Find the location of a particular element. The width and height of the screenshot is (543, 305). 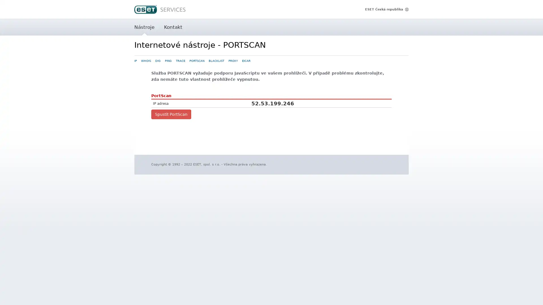

Spustit PortScan is located at coordinates (171, 114).